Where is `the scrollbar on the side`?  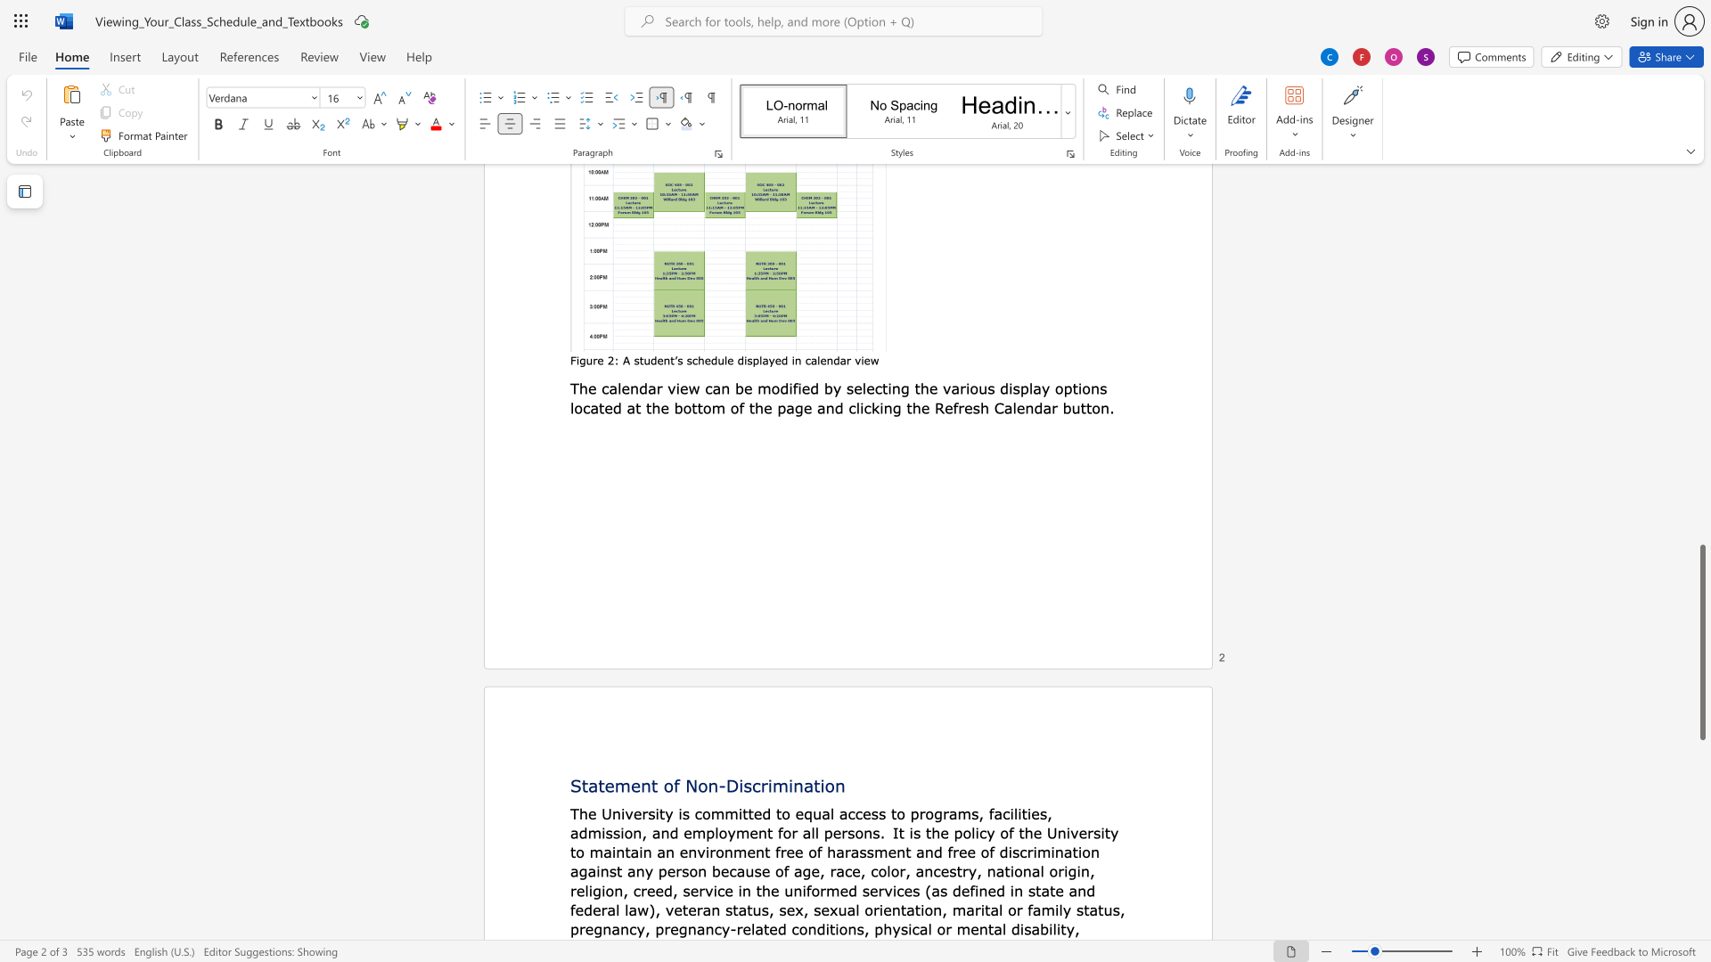 the scrollbar on the side is located at coordinates (1701, 462).